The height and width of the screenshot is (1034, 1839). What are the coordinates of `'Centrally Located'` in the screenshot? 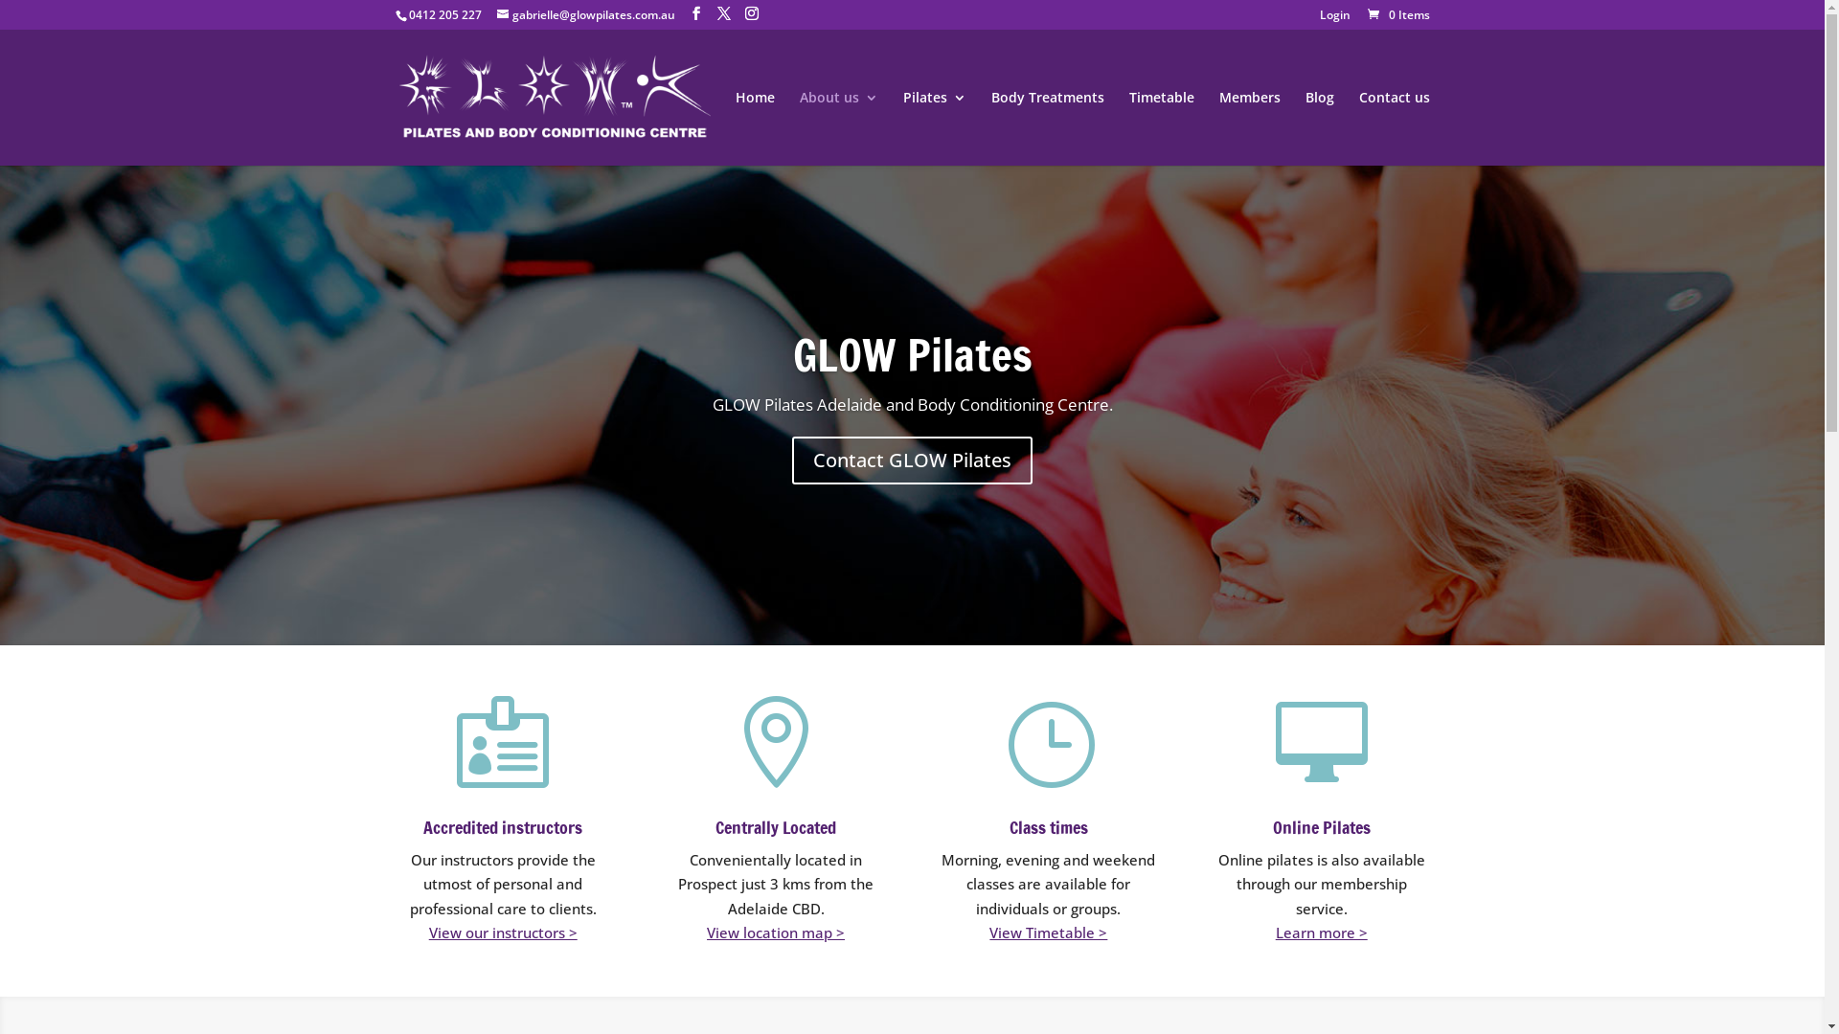 It's located at (715, 826).